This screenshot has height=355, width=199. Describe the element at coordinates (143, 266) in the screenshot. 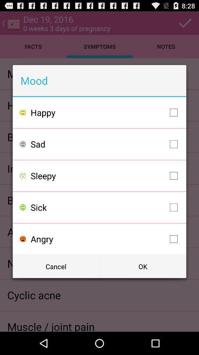

I see `the icon below angry icon` at that location.